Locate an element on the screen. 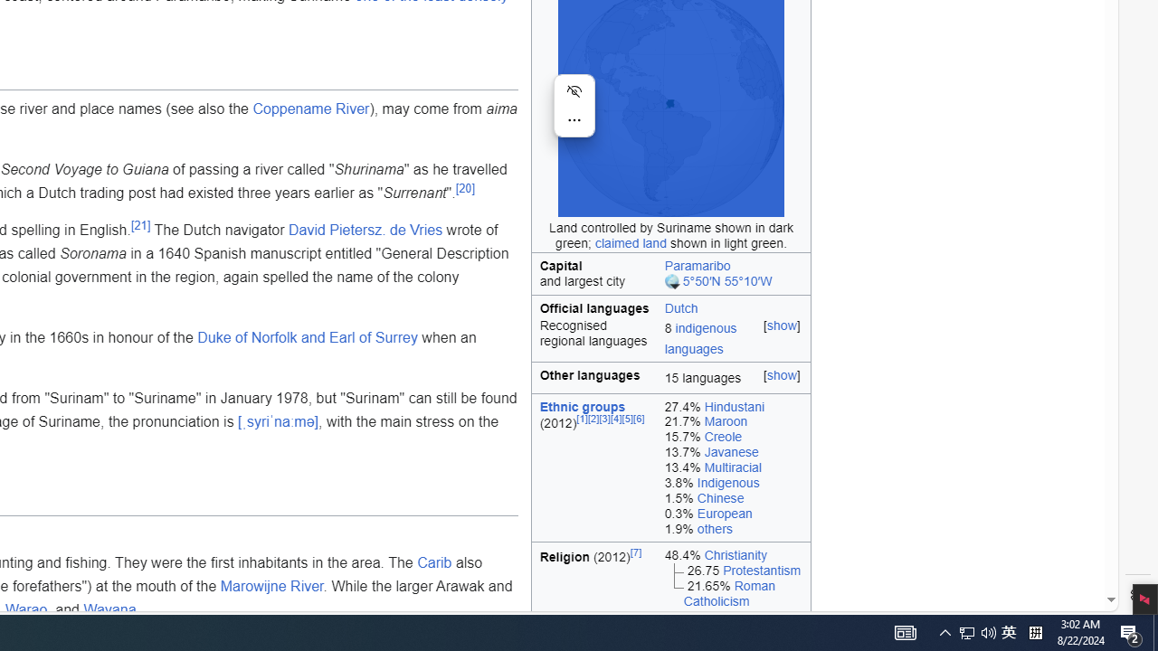  'Class: mergedrow' is located at coordinates (670, 340).